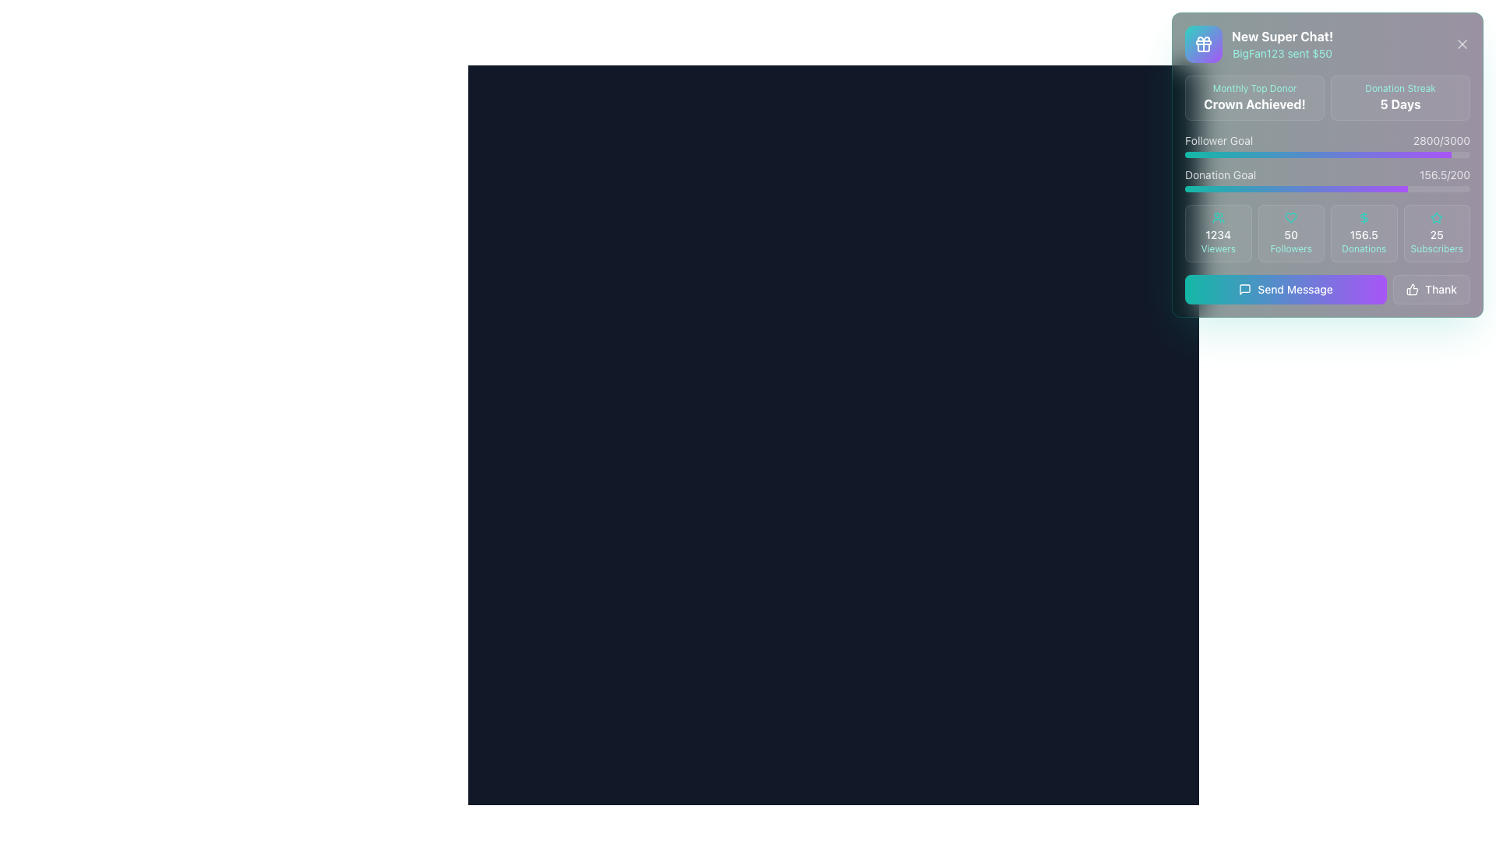 This screenshot has height=841, width=1496. What do you see at coordinates (1436, 234) in the screenshot?
I see `the Information Display Block that features a light teal star icon, the bold number '25', and the label 'subscribers' in turquoise text, located at the bottom-right of the card` at bounding box center [1436, 234].